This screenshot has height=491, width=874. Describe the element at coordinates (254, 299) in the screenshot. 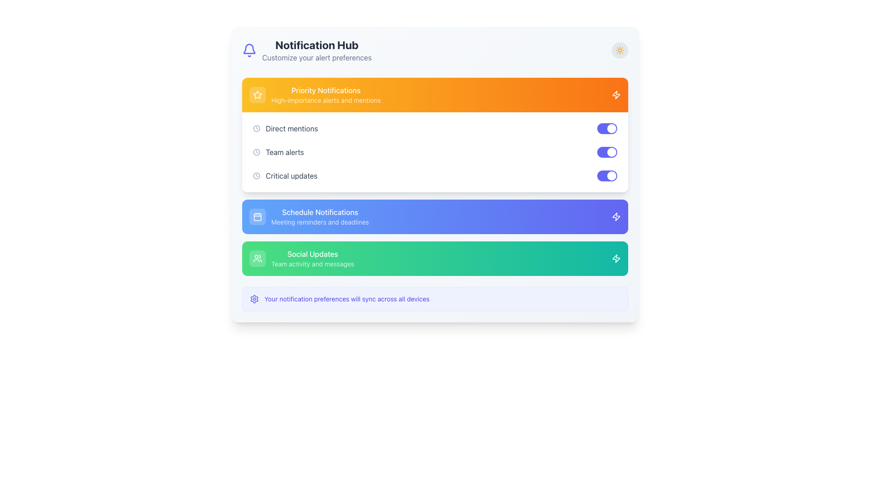

I see `the settings icon represented by a gear image located at the top-right corner of the interface` at that location.